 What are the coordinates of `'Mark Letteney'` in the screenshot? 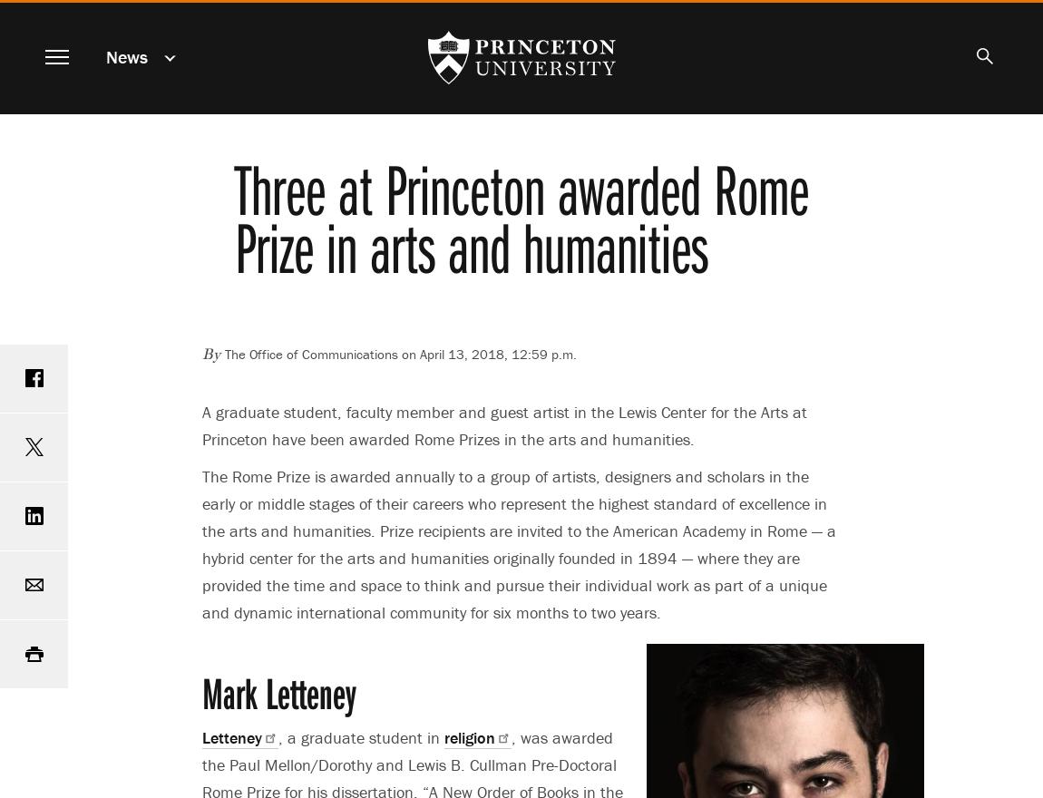 It's located at (278, 692).